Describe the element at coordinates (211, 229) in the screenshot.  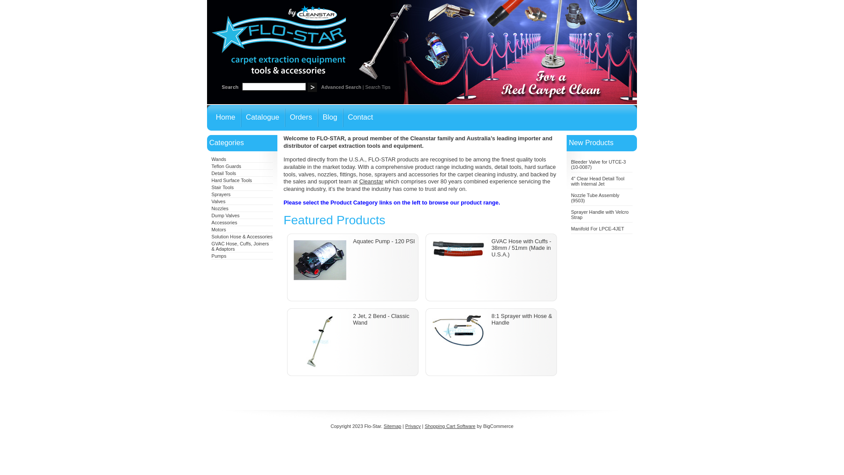
I see `'Motors'` at that location.